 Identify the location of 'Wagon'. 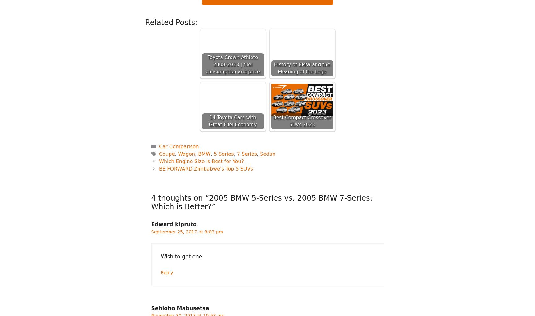
(178, 153).